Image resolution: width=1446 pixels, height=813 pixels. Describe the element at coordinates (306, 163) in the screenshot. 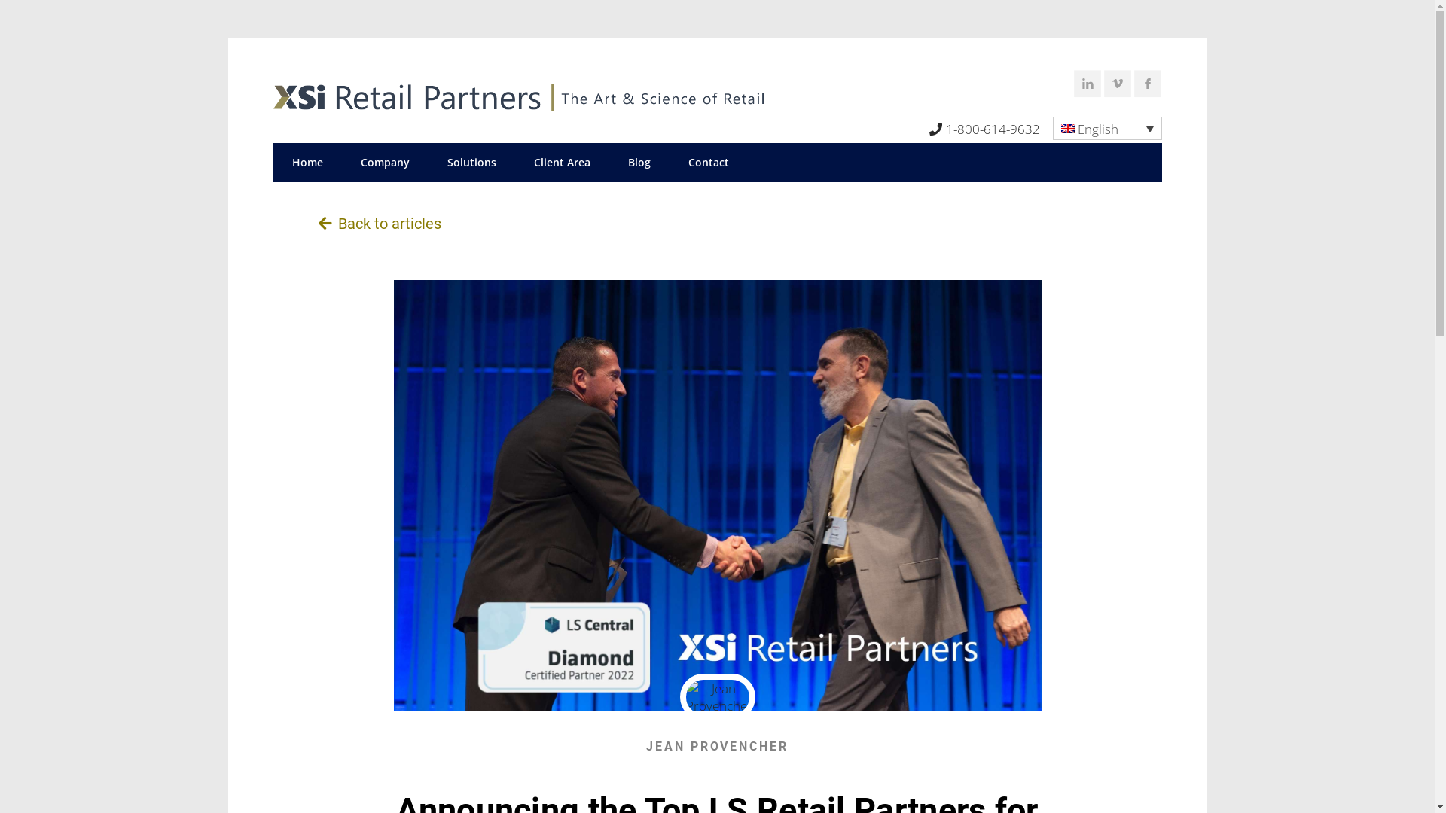

I see `'Home'` at that location.